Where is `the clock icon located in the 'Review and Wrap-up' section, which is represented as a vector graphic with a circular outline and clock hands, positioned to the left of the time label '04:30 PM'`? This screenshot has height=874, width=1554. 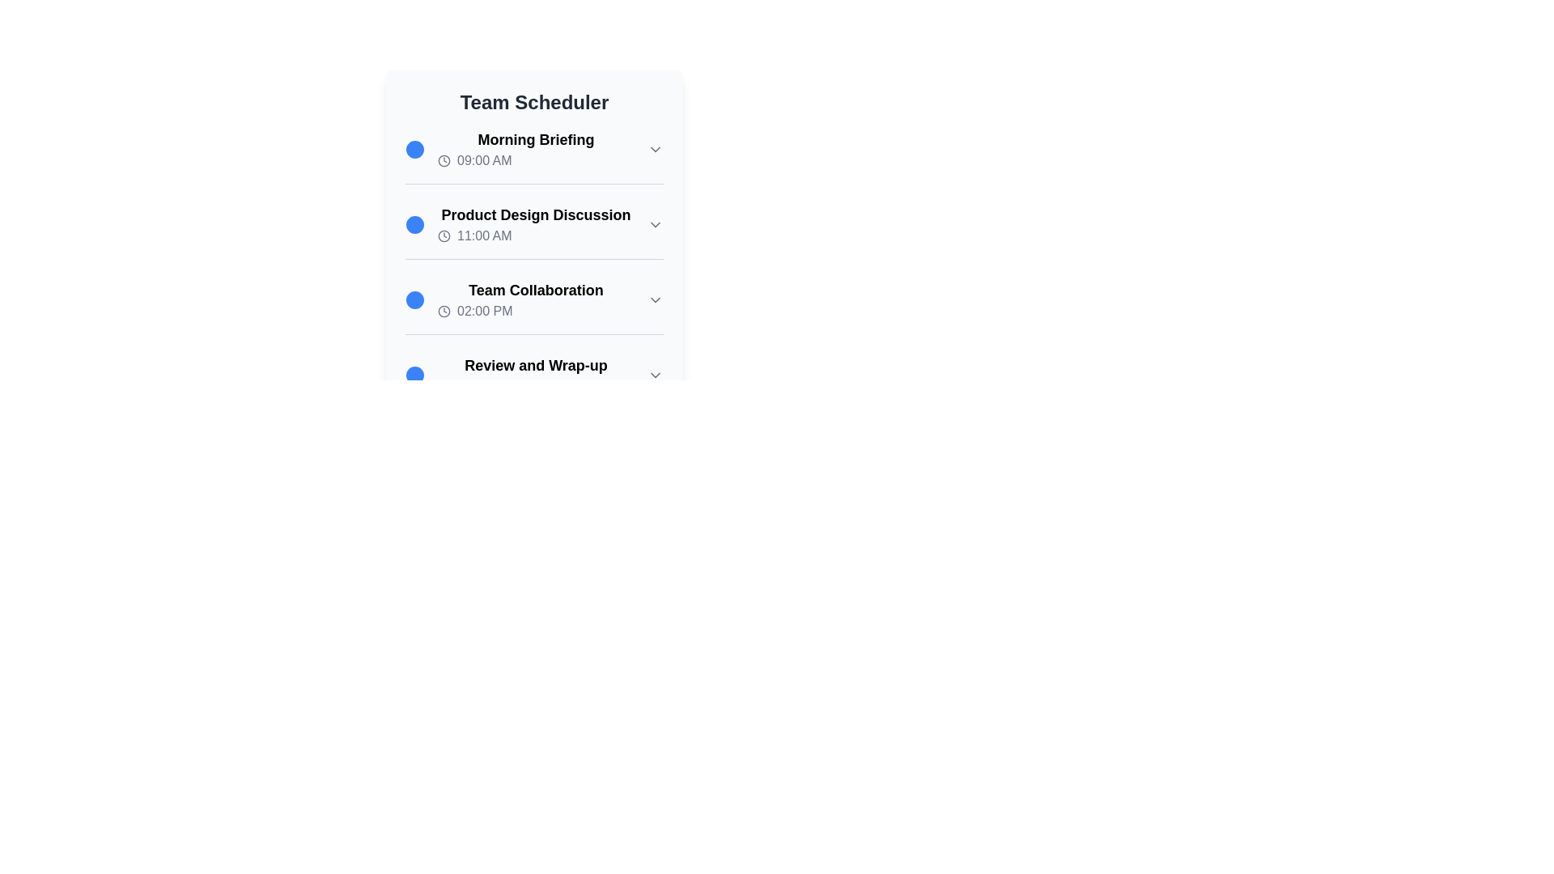
the clock icon located in the 'Review and Wrap-up' section, which is represented as a vector graphic with a circular outline and clock hands, positioned to the left of the time label '04:30 PM' is located at coordinates (444, 387).